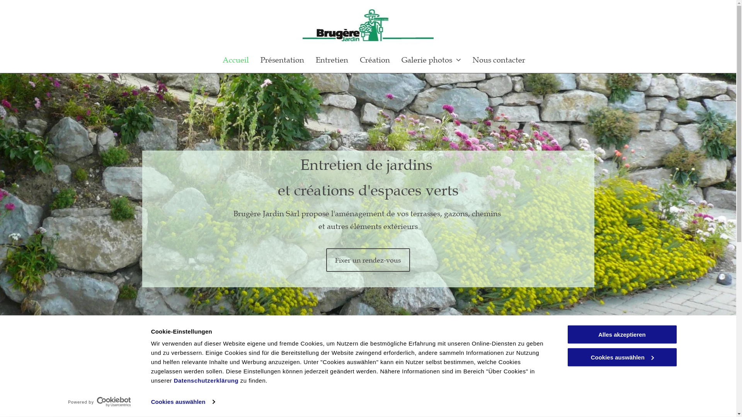  Describe the element at coordinates (368, 260) in the screenshot. I see `'Fixer un rendez-vous'` at that location.